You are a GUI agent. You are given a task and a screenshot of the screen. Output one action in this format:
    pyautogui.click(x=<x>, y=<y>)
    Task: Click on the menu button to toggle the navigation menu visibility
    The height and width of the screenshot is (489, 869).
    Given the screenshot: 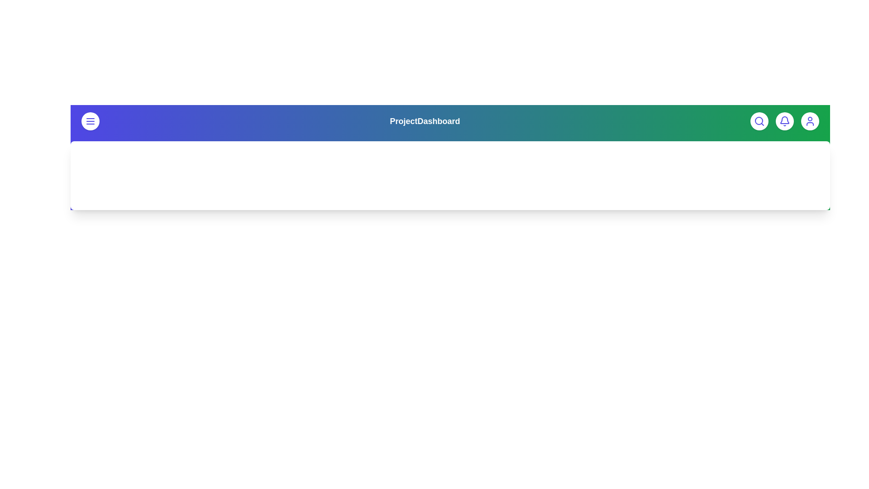 What is the action you would take?
    pyautogui.click(x=91, y=120)
    